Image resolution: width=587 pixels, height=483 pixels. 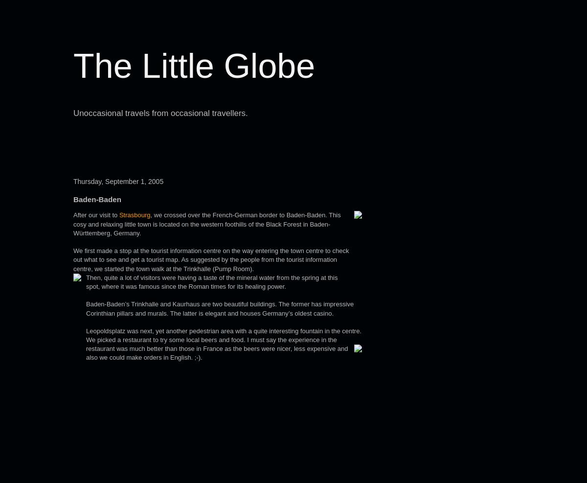 What do you see at coordinates (95, 214) in the screenshot?
I see `'After our visit to'` at bounding box center [95, 214].